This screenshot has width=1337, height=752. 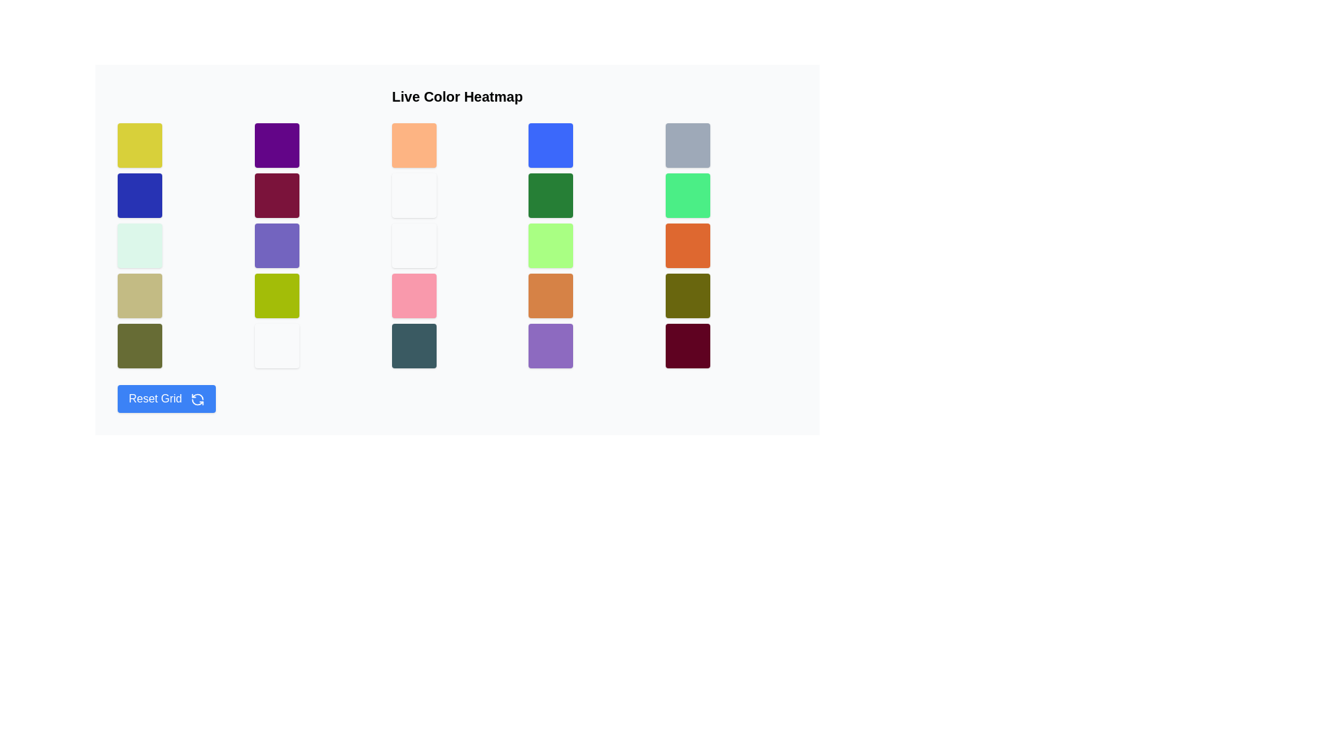 I want to click on the non-interactive visual element, which is a square with rounded edges and a solid background color of RGB(214, 130, 70), located as the fourth square in the fourth row of a grid layout, so click(x=550, y=295).